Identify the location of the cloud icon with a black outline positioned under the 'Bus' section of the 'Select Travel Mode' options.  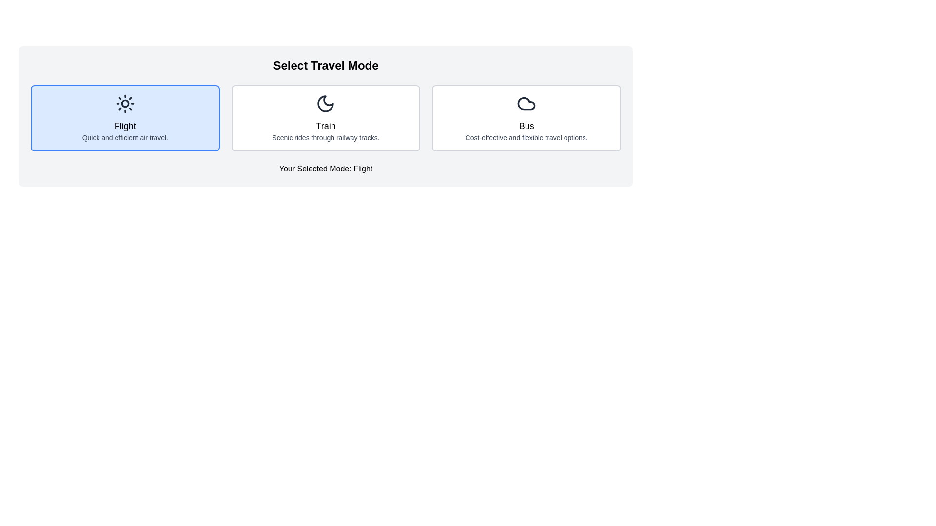
(526, 103).